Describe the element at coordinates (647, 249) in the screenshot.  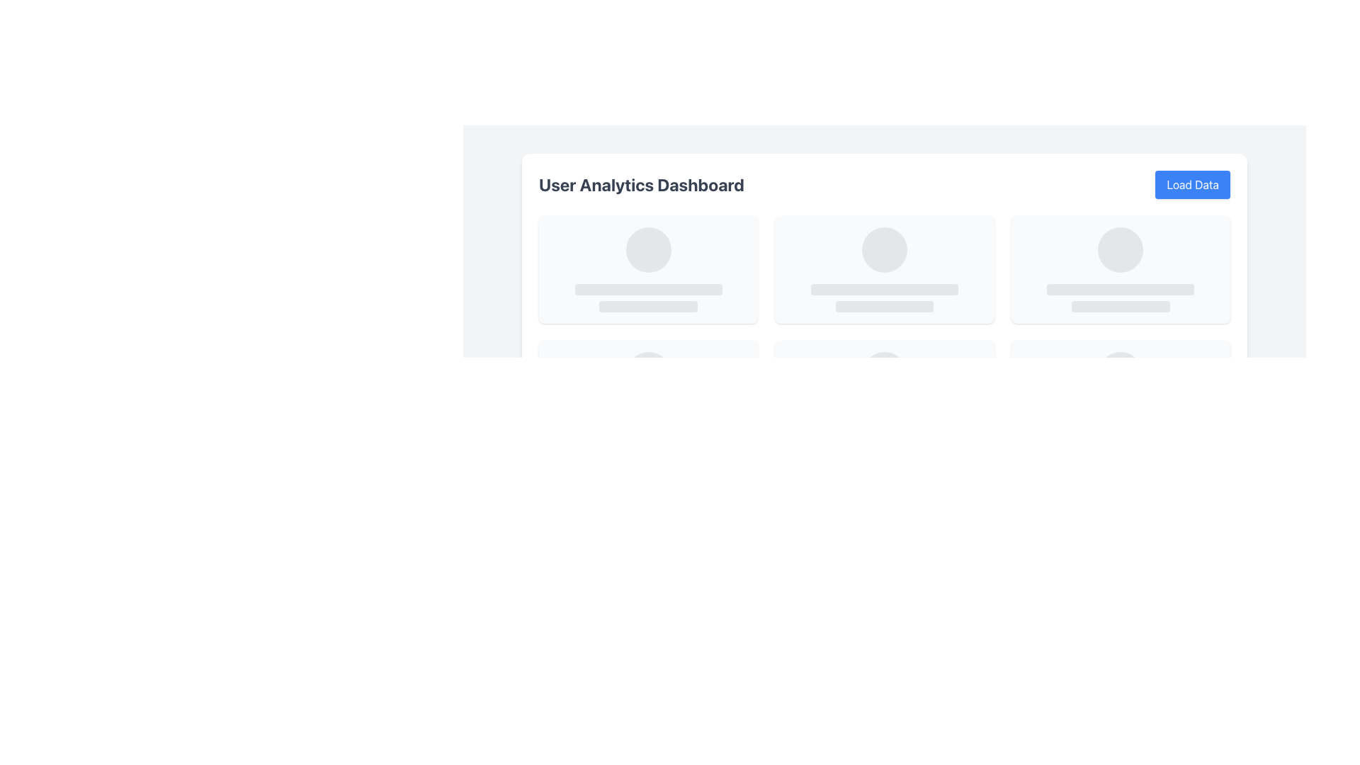
I see `the Placeholder Avatar element, which serves as a visual representation of an avatar or image slot in a dashboard or user profile context` at that location.